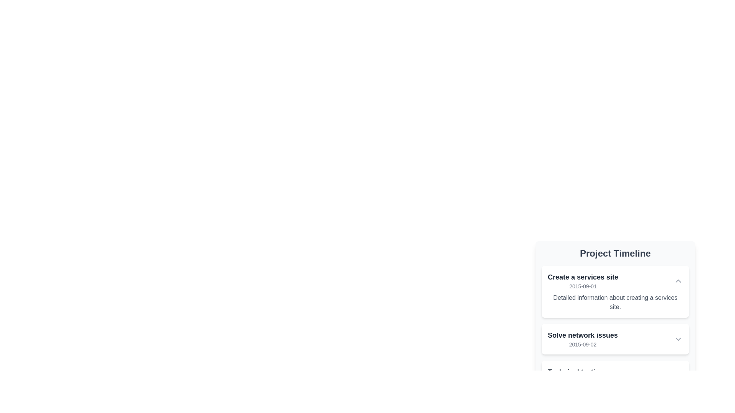 The width and height of the screenshot is (735, 413). Describe the element at coordinates (678, 281) in the screenshot. I see `the interactive toggle button located at the top-right corner of the 'Create a services site' card to collapse or expand its section` at that location.